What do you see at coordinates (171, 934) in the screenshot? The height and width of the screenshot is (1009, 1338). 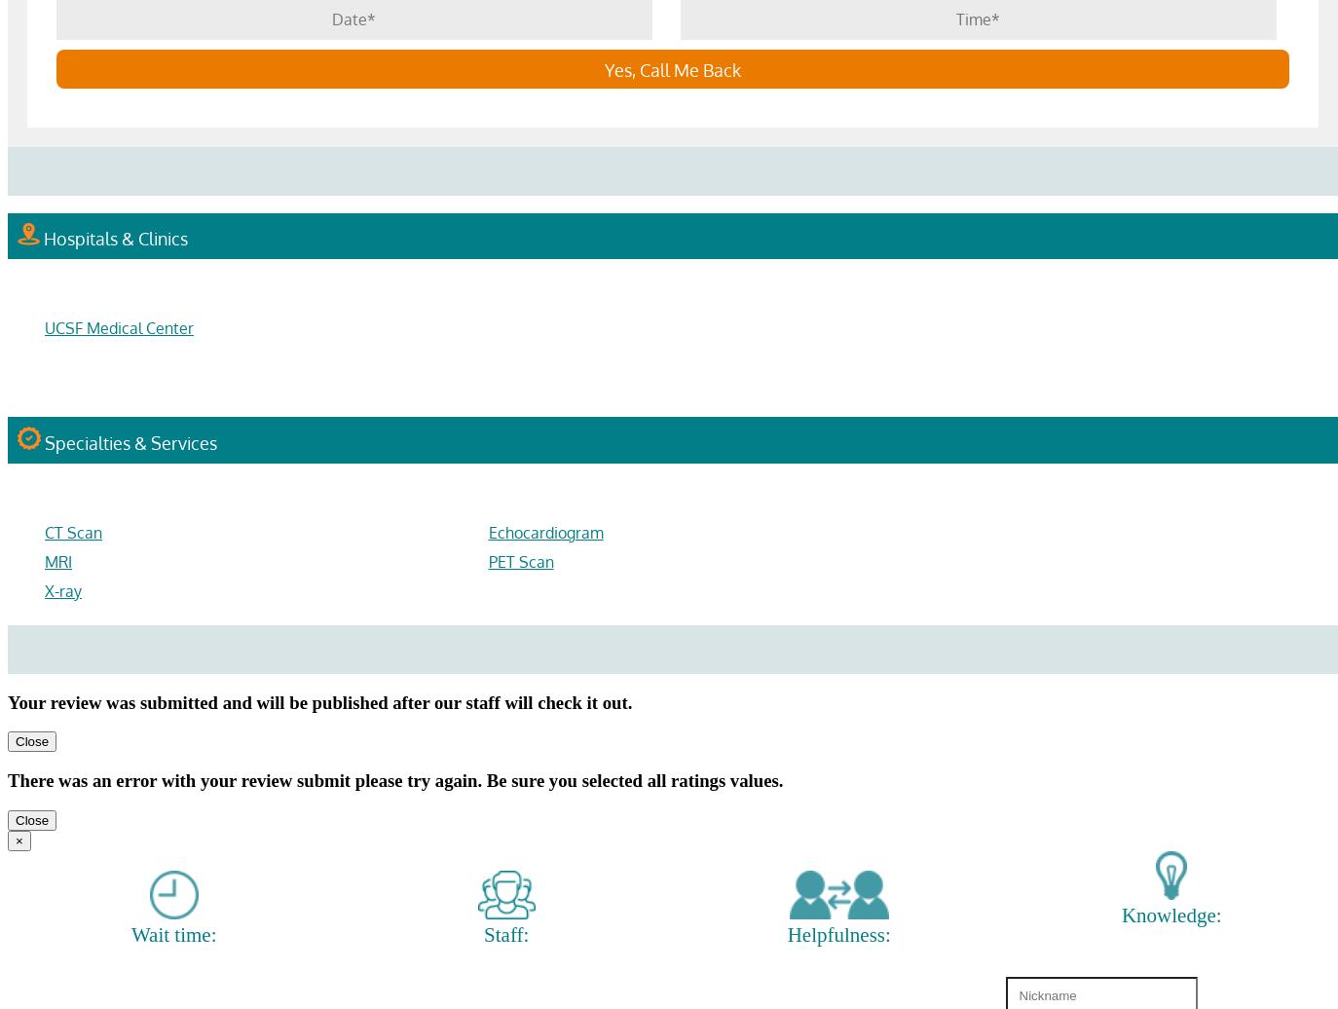 I see `'Wait time:'` at bounding box center [171, 934].